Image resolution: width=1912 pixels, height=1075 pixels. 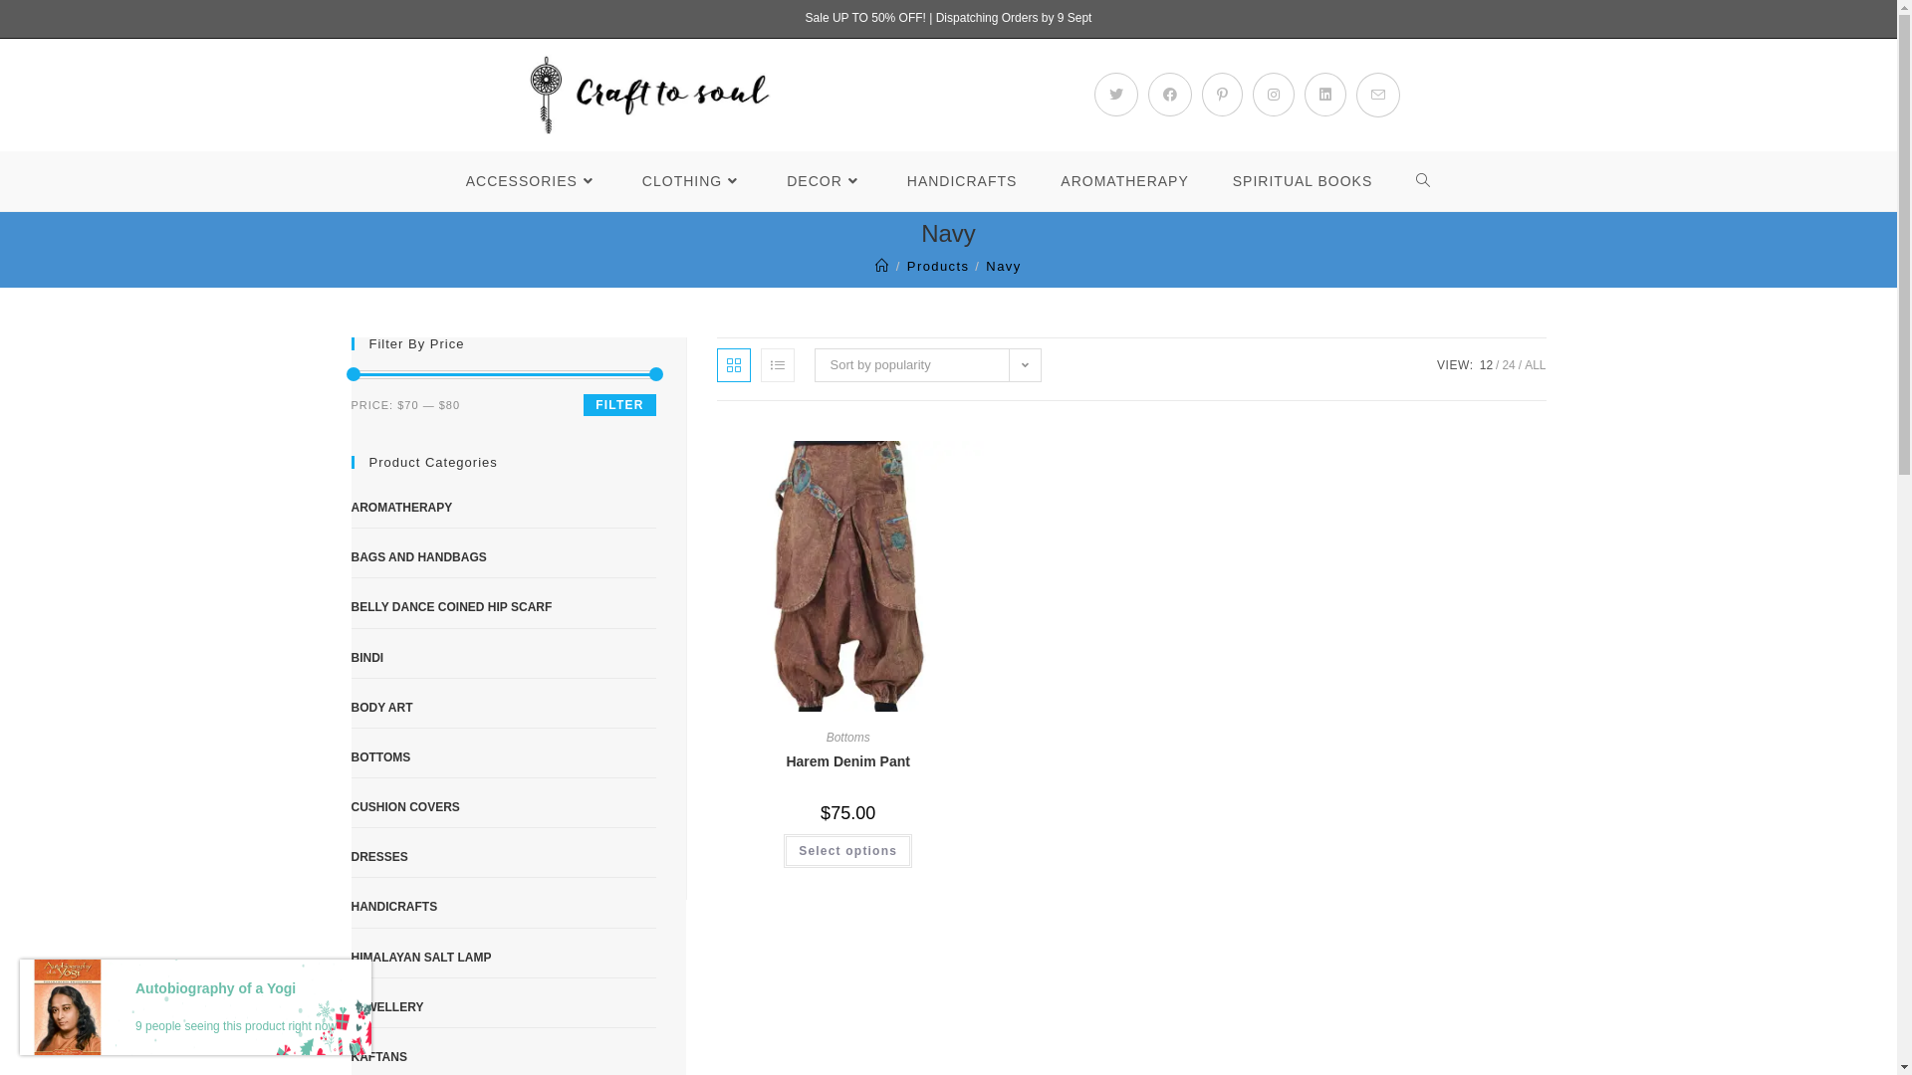 What do you see at coordinates (502, 606) in the screenshot?
I see `'BELLY DANCE COINED HIP SCARF'` at bounding box center [502, 606].